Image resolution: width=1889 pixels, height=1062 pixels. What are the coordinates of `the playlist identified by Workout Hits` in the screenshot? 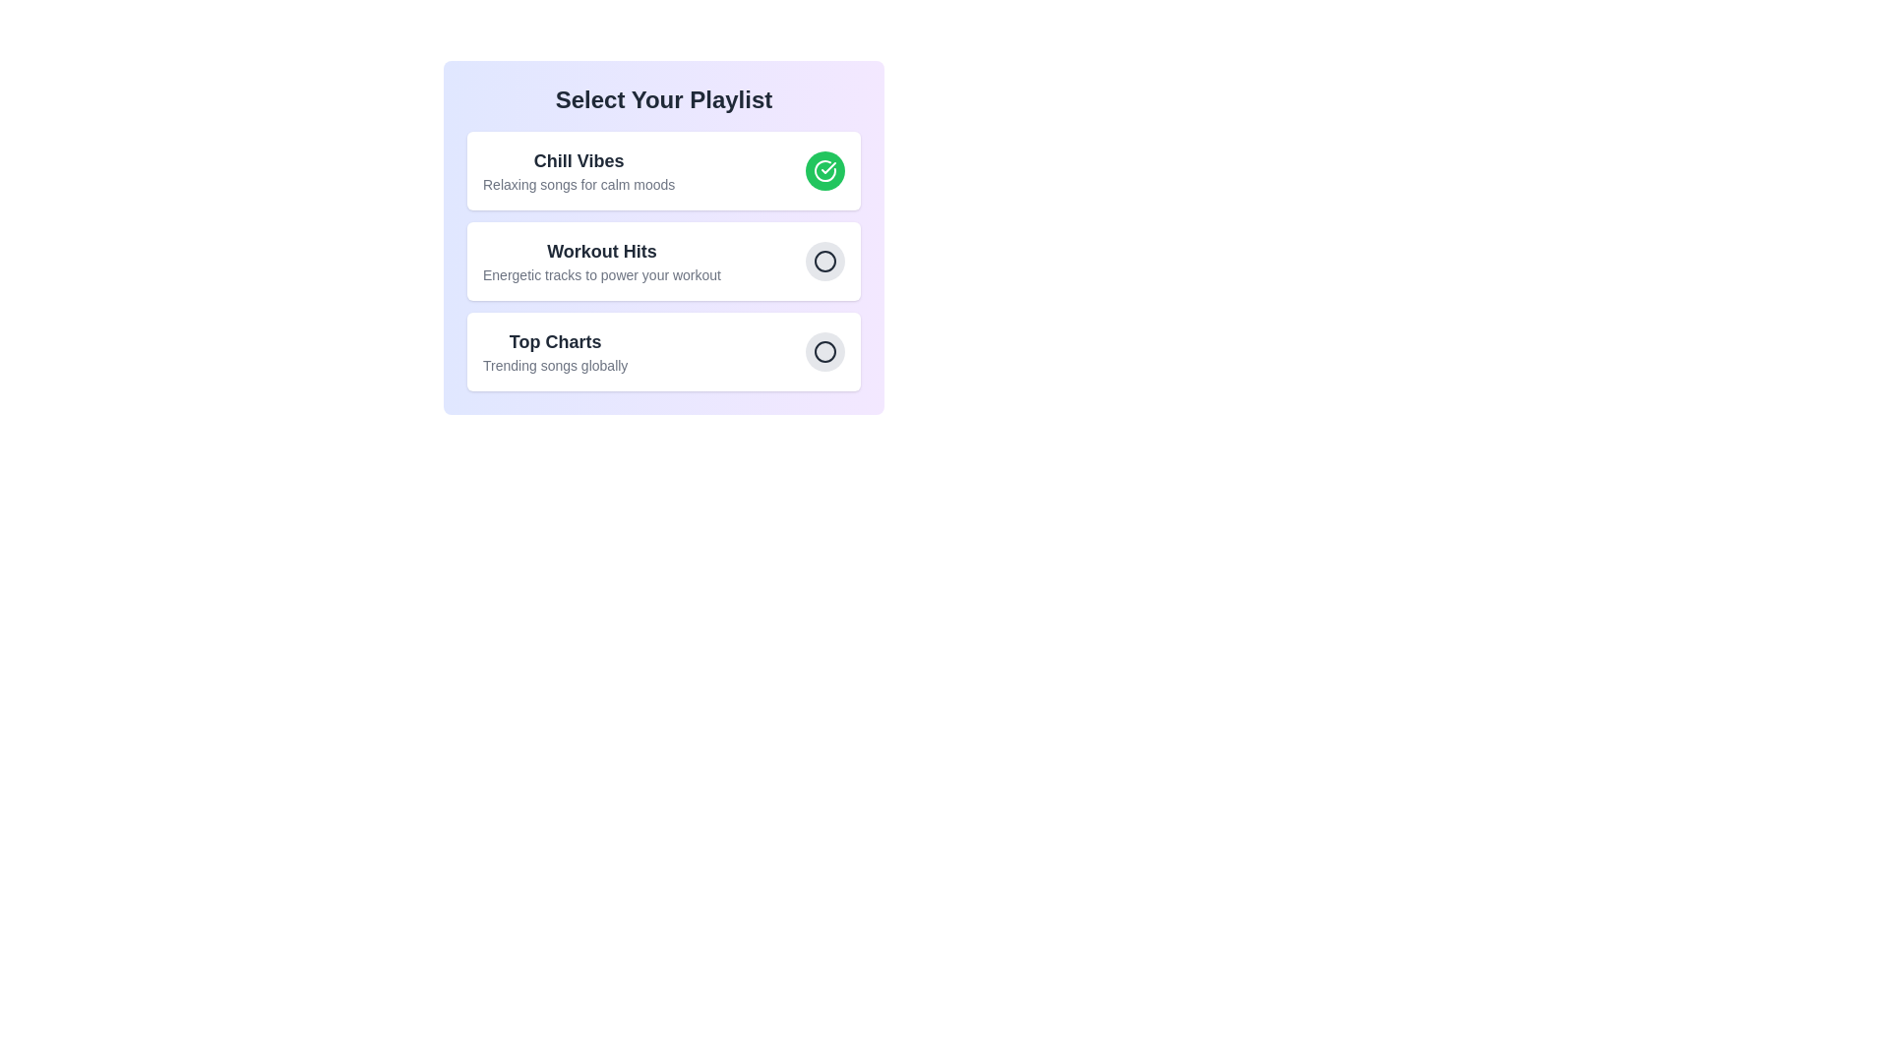 It's located at (825, 261).